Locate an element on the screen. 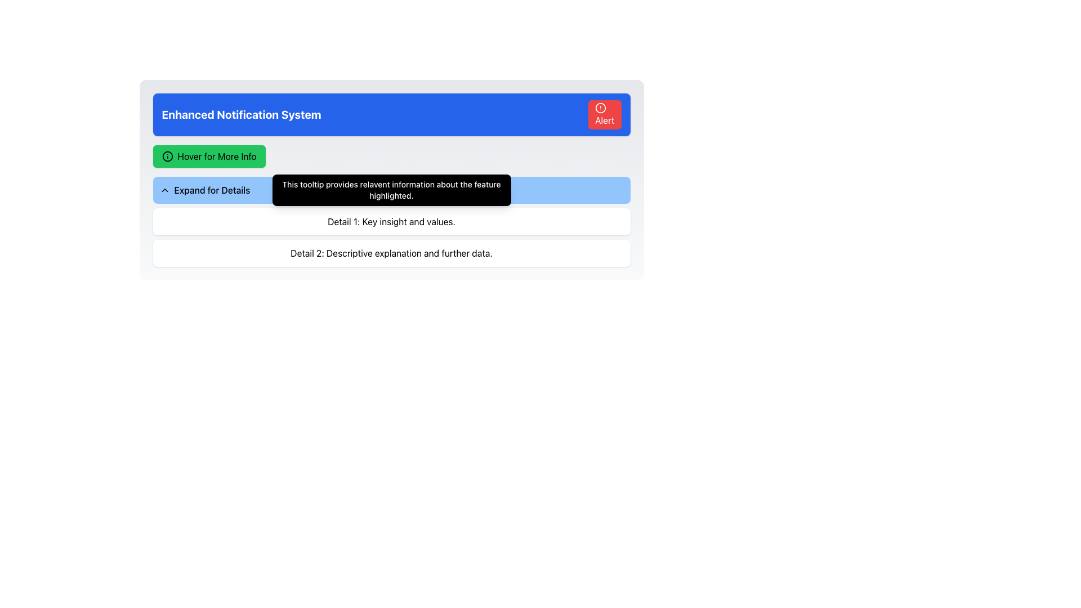  the text label displaying 'Expand for Details', which is centered within a blue rectangular background is located at coordinates (210, 190).